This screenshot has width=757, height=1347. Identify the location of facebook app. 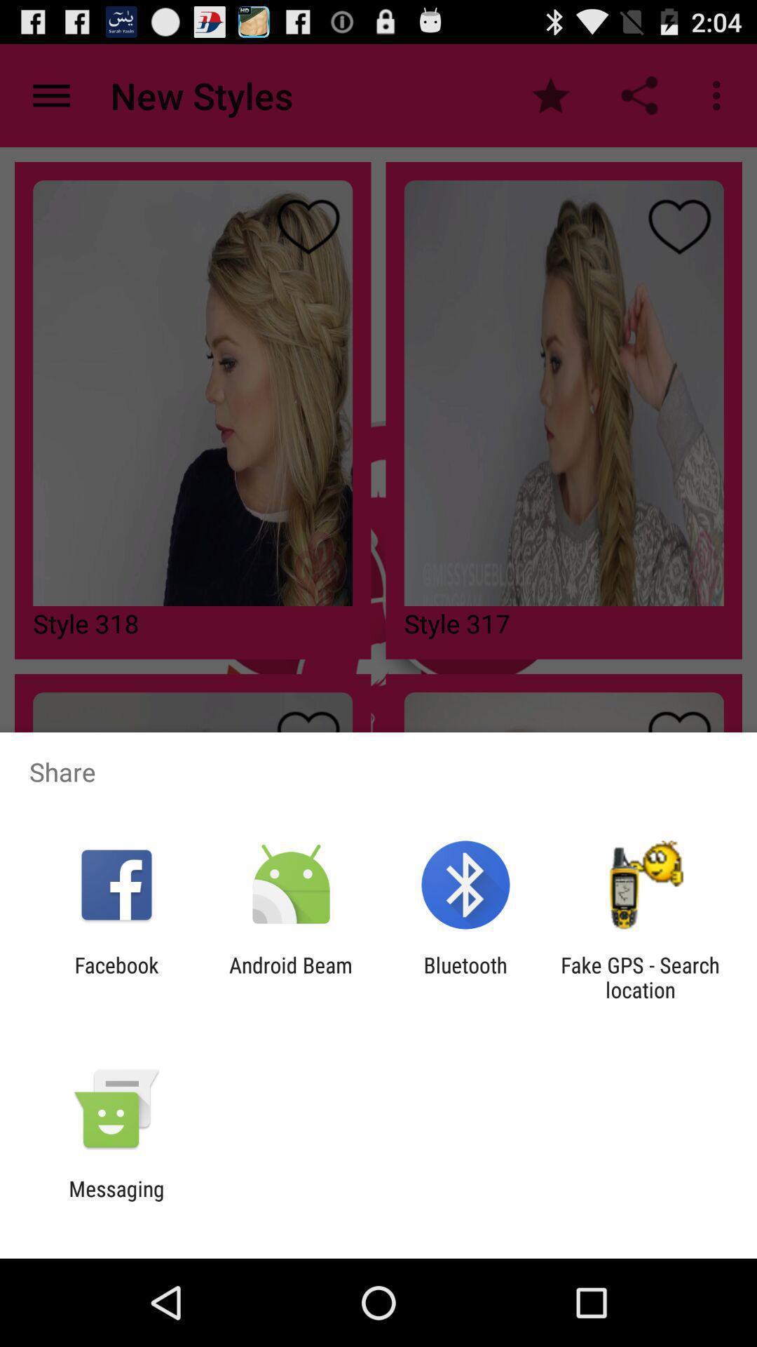
(116, 977).